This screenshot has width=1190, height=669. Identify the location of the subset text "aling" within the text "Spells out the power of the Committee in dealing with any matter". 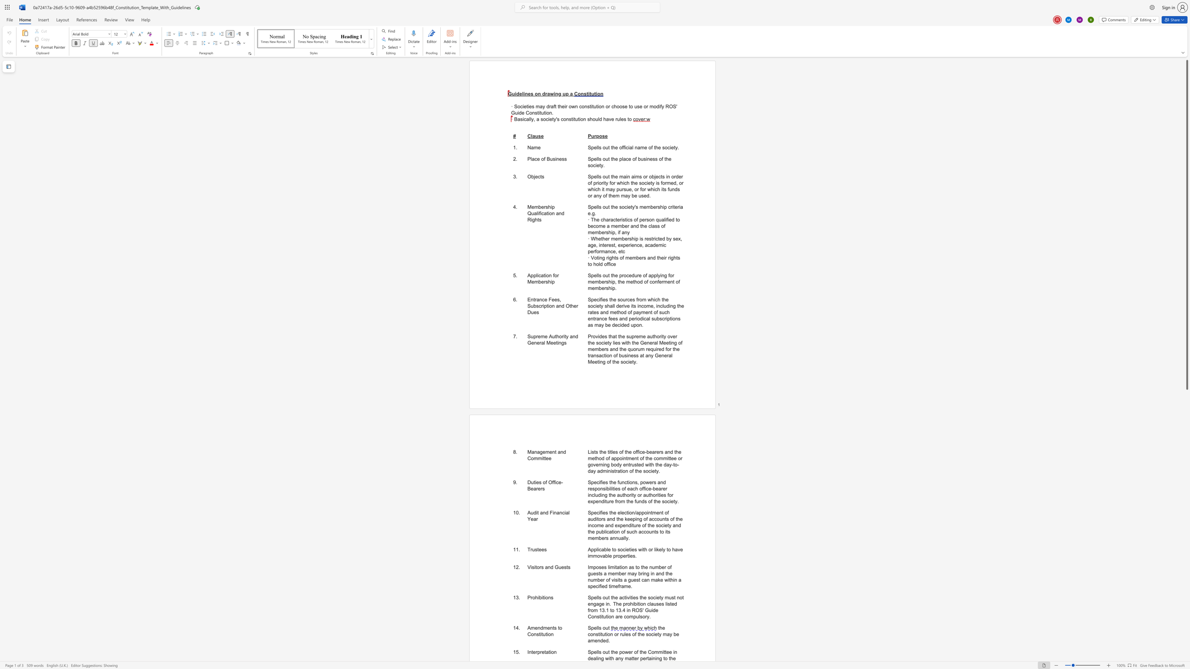
(593, 658).